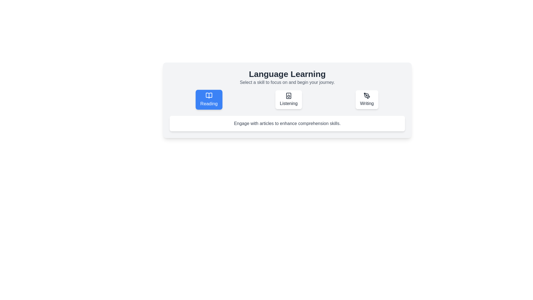 The height and width of the screenshot is (300, 533). What do you see at coordinates (209, 95) in the screenshot?
I see `the 'Reading' button icon, which is visually represented and located at the center of the button, above the text label` at bounding box center [209, 95].